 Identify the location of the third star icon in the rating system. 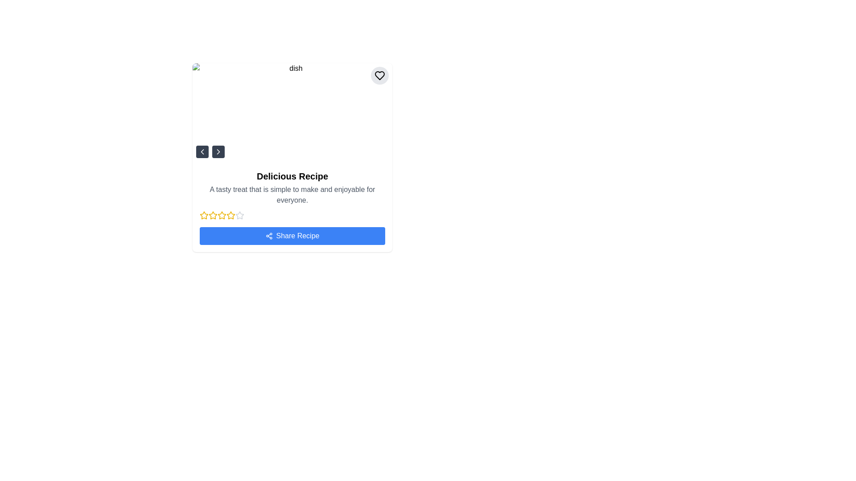
(231, 215).